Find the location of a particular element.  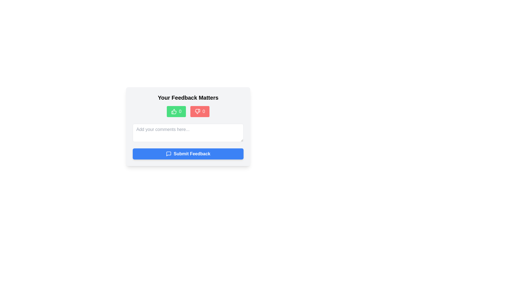

the positive feedback button located above the feedback text input area and below the title 'Your Feedback Matters.' is located at coordinates (176, 111).